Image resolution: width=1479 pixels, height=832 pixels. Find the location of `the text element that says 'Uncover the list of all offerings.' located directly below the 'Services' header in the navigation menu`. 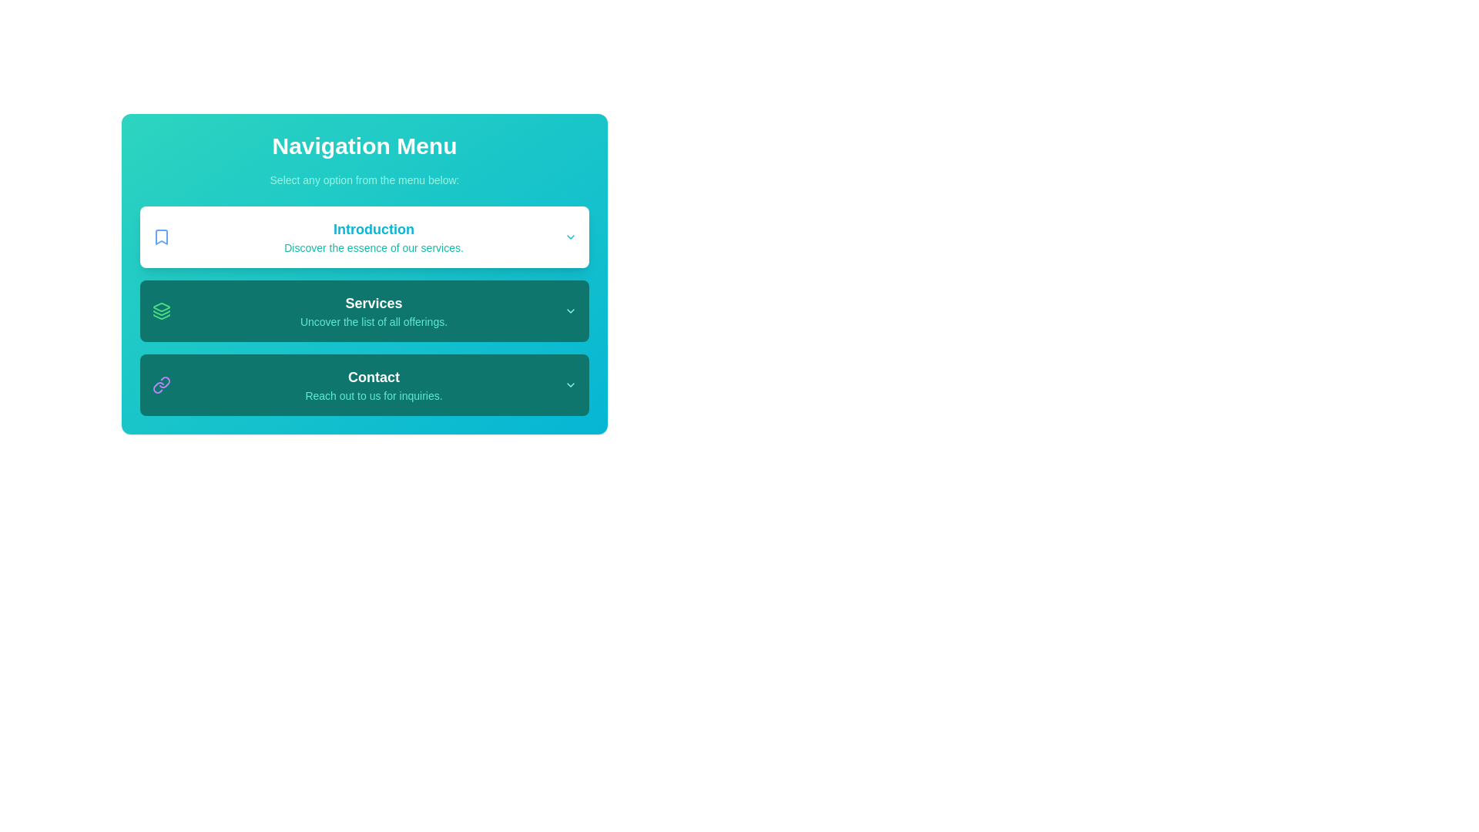

the text element that says 'Uncover the list of all offerings.' located directly below the 'Services' header in the navigation menu is located at coordinates (374, 320).